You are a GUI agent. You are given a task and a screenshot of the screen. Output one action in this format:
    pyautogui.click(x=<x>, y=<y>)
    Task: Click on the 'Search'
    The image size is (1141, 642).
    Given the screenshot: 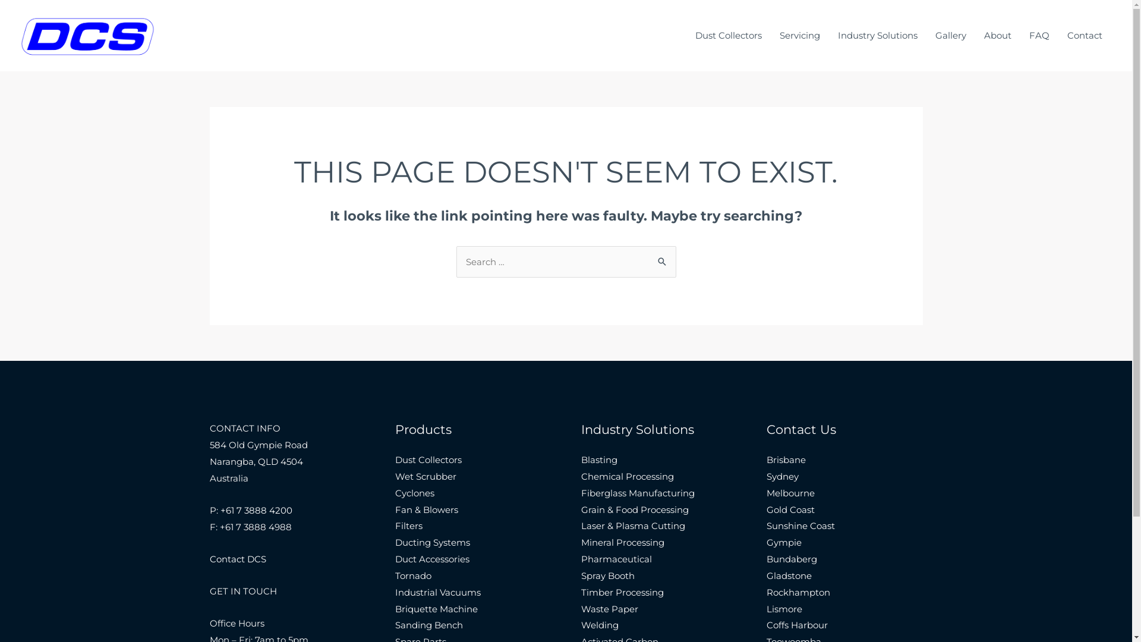 What is the action you would take?
    pyautogui.click(x=661, y=257)
    